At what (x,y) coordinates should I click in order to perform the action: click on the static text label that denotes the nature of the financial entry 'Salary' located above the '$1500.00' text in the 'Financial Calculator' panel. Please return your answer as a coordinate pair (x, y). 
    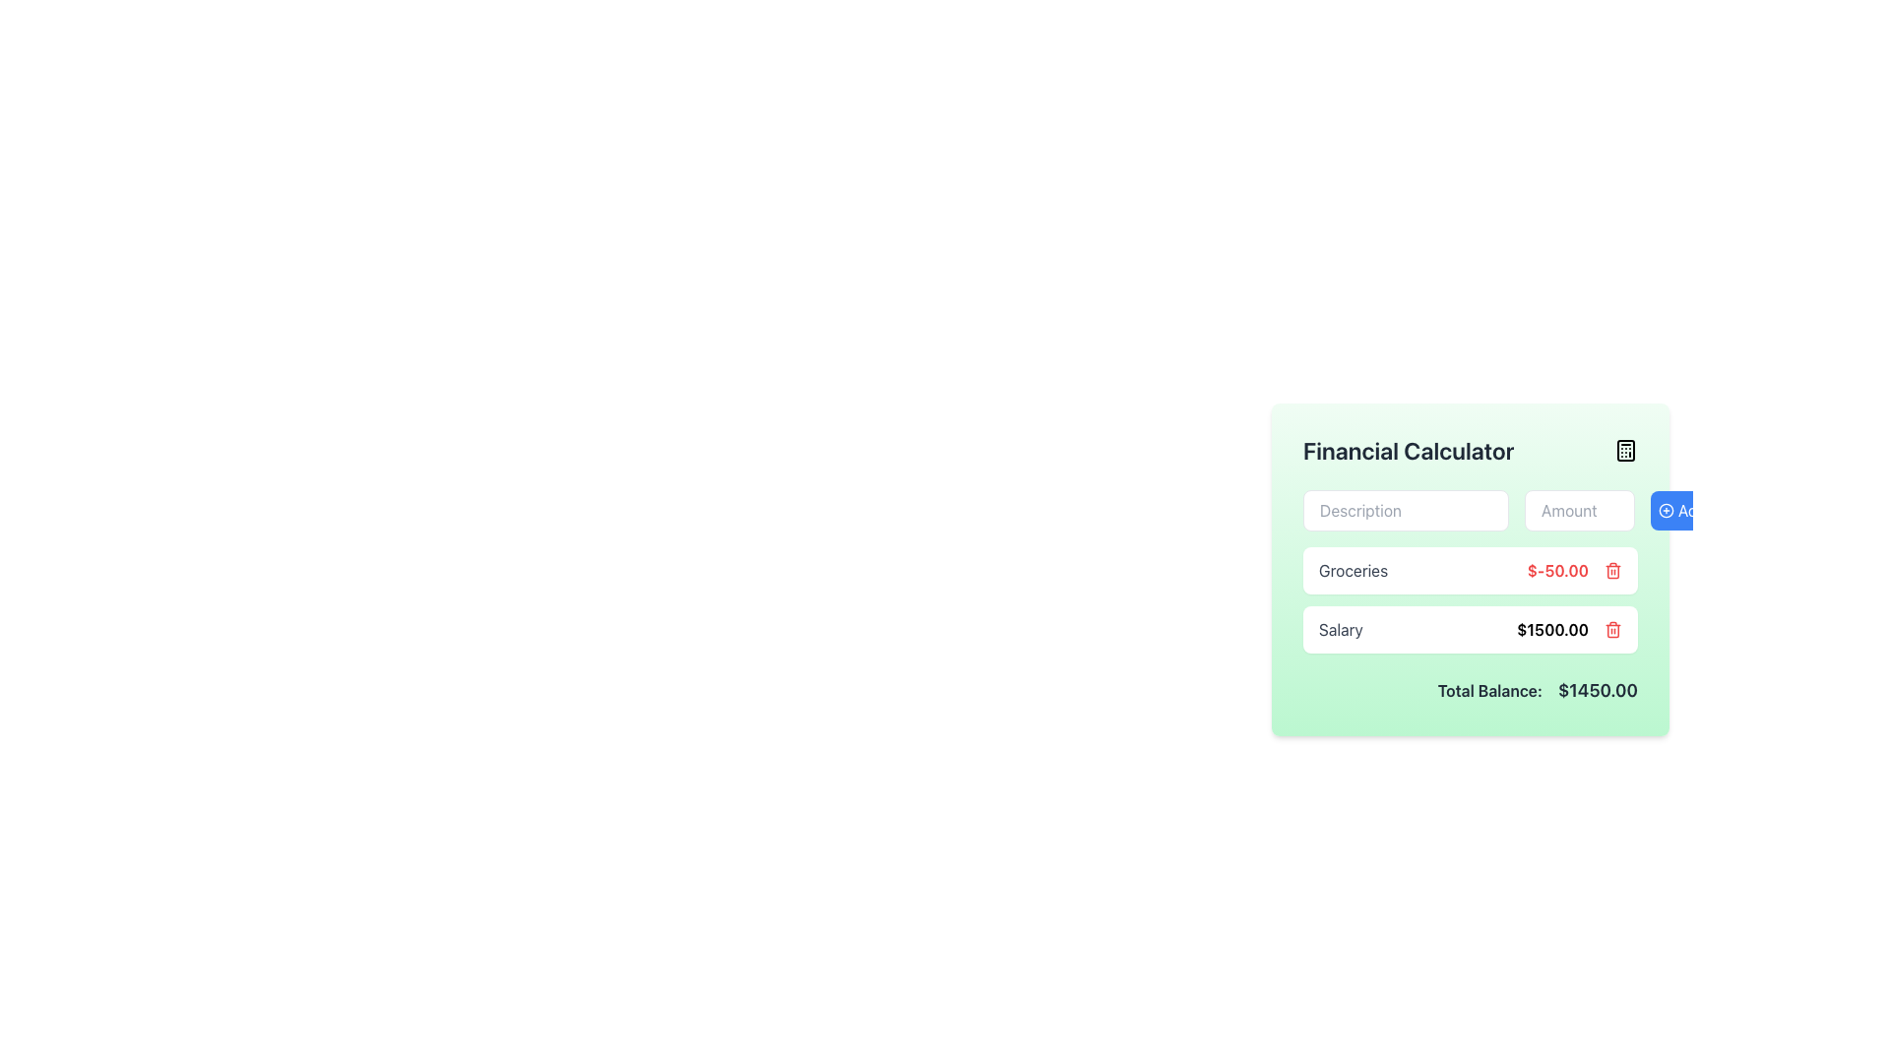
    Looking at the image, I should click on (1340, 630).